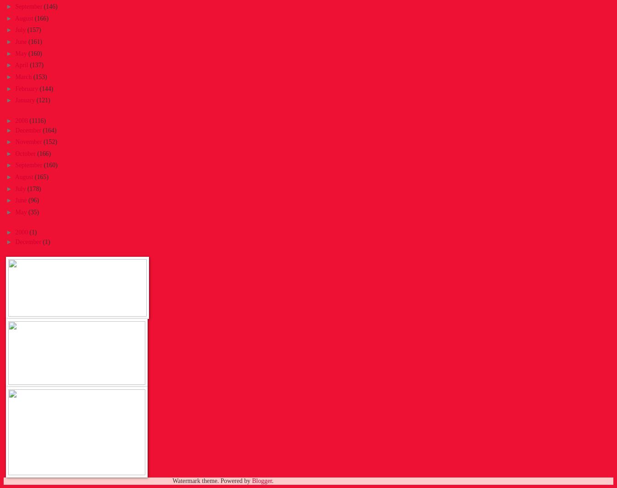  I want to click on 'October', so click(25, 153).